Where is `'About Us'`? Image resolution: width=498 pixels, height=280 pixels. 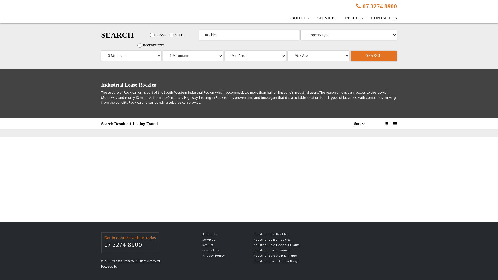
'About Us' is located at coordinates (202, 234).